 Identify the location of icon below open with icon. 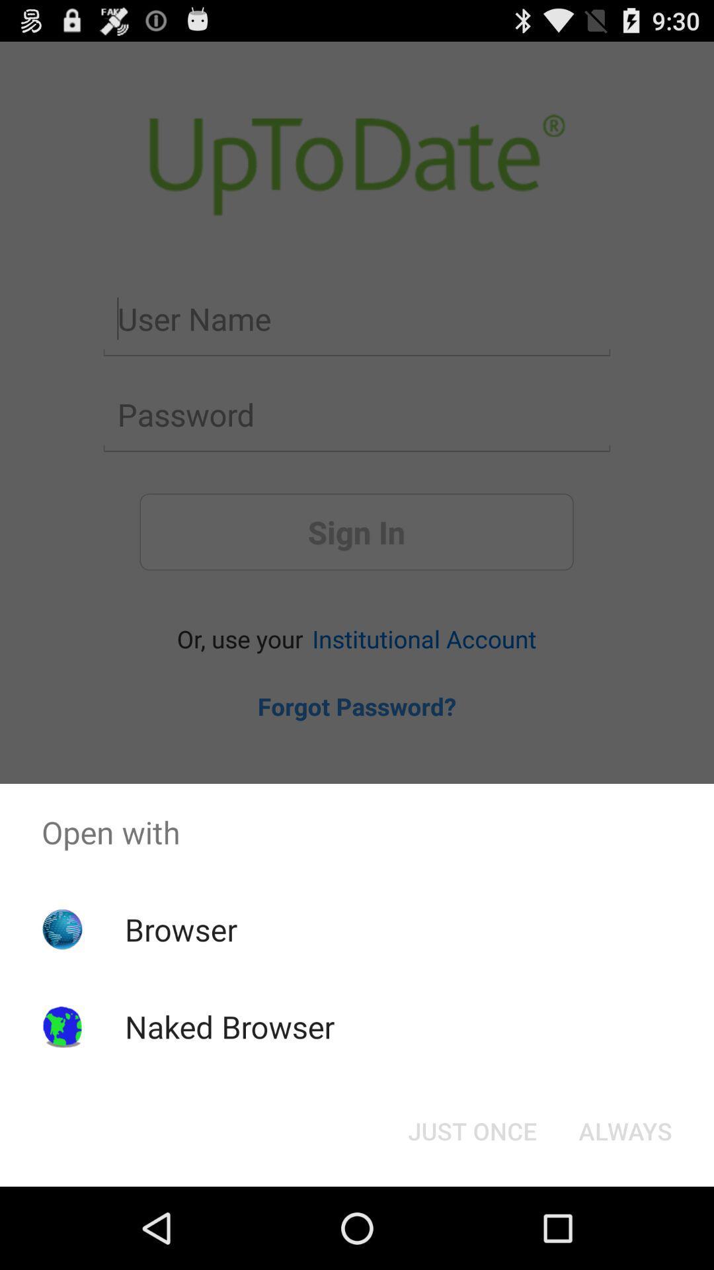
(625, 1130).